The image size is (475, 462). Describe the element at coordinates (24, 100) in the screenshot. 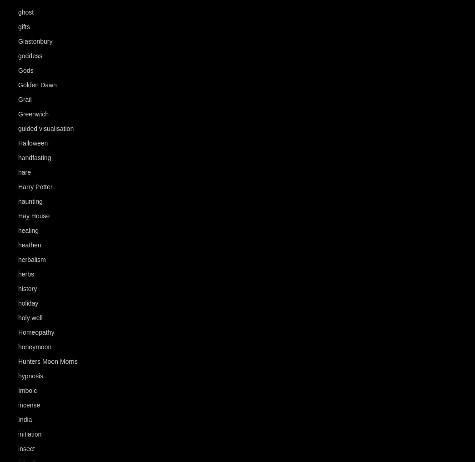

I see `'Grail'` at that location.